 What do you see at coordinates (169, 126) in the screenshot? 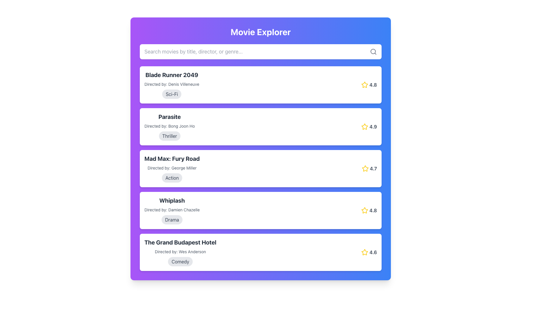
I see `the Informational Text Block displaying the movie details, which is the second item in the vertical list under 'Movie Explorer'` at bounding box center [169, 126].